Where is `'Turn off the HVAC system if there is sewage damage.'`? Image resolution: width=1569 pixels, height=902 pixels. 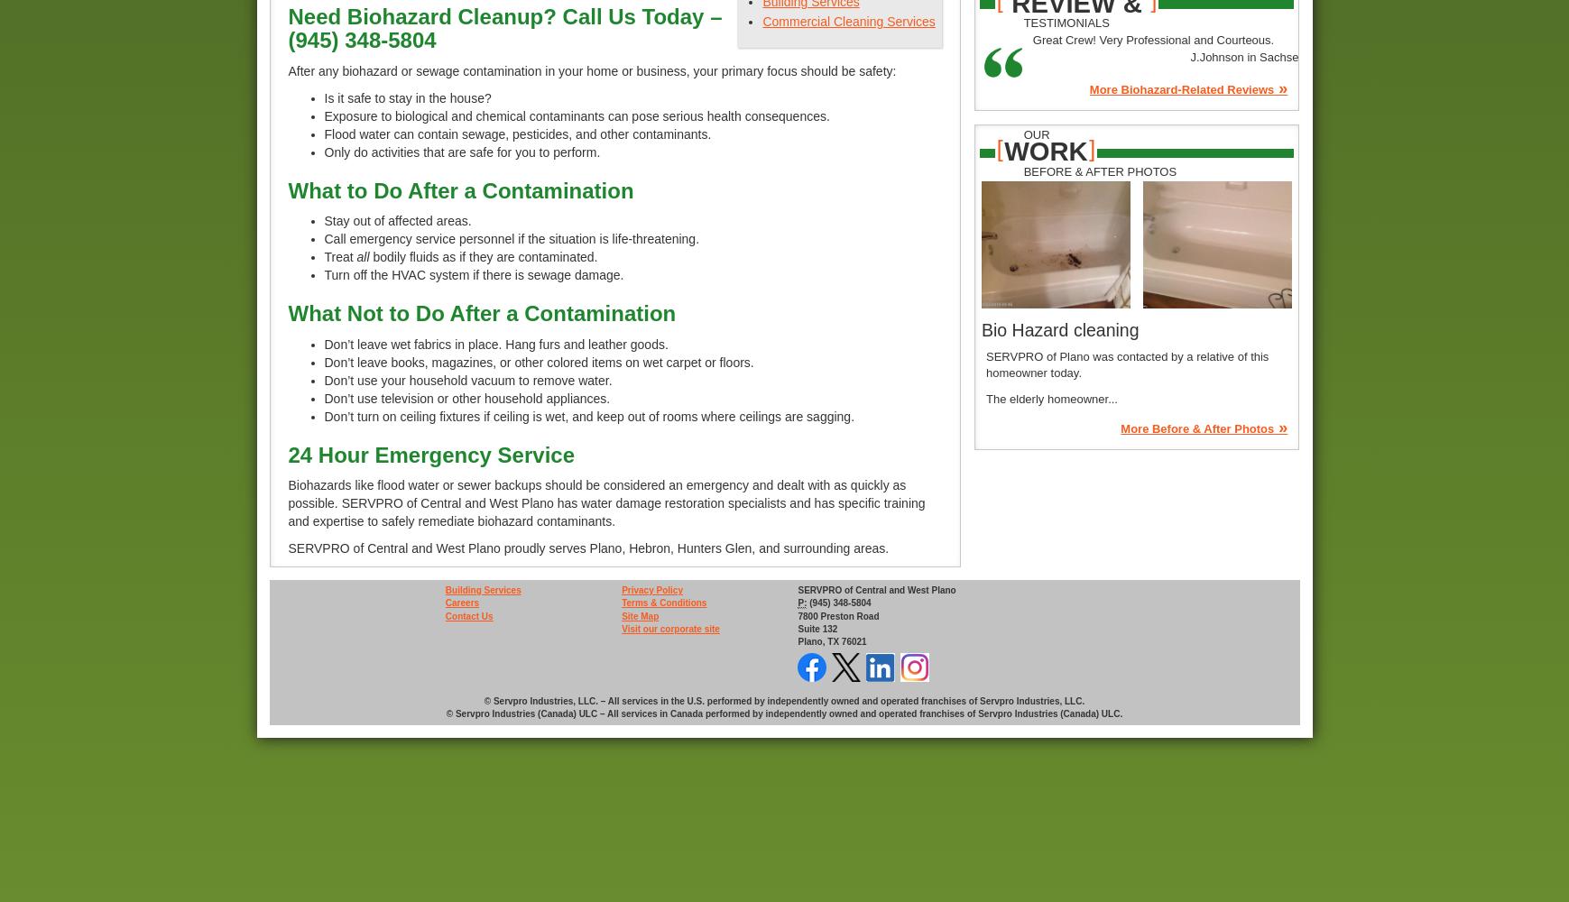
'Turn off the HVAC system if there is sewage damage.' is located at coordinates (323, 275).